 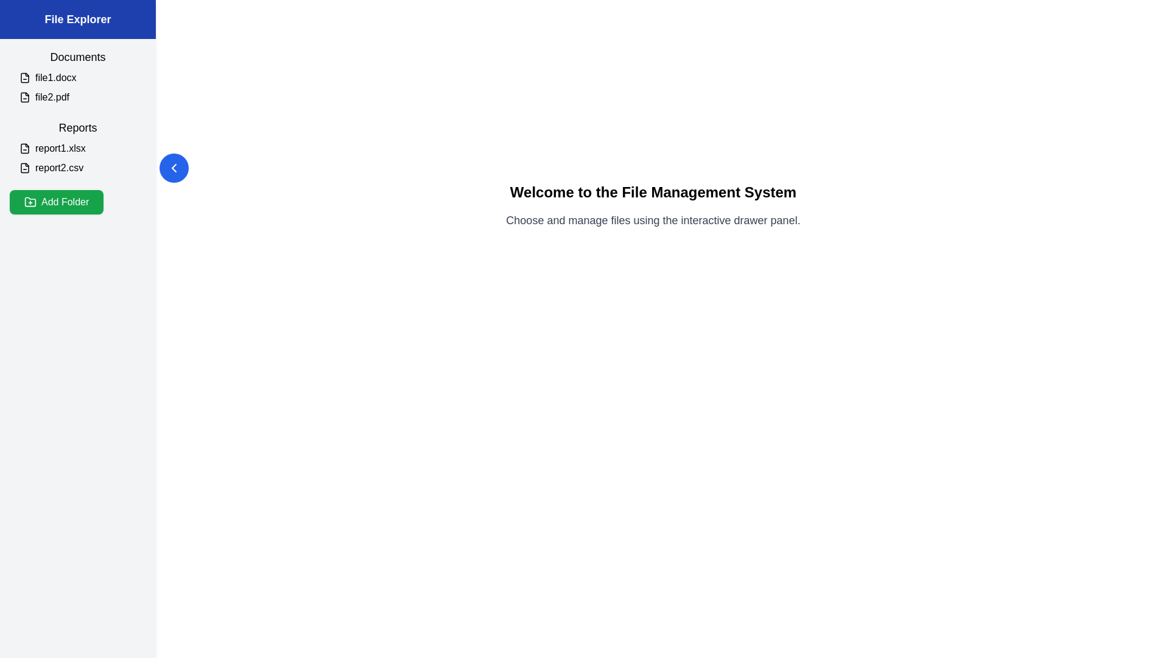 What do you see at coordinates (82, 96) in the screenshot?
I see `the List item labeled 'file2.pdf'` at bounding box center [82, 96].